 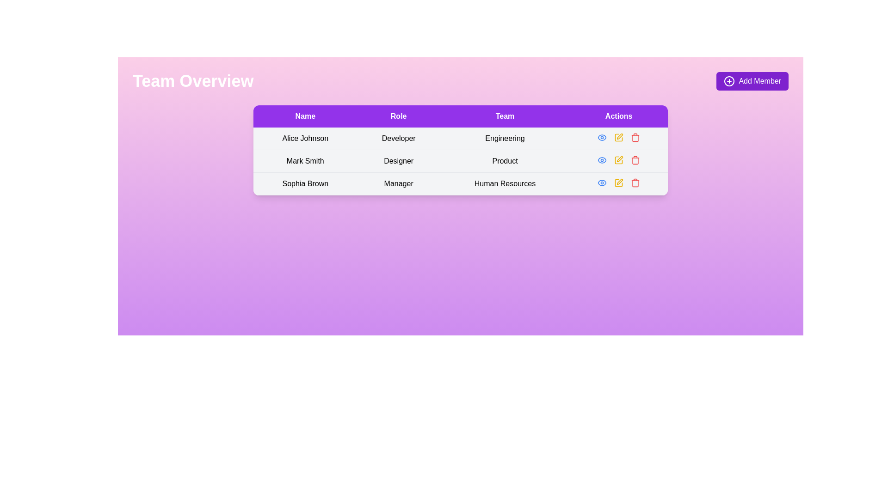 I want to click on the 'view' button located as the first element in the action buttons of the second row in the table, so click(x=602, y=160).